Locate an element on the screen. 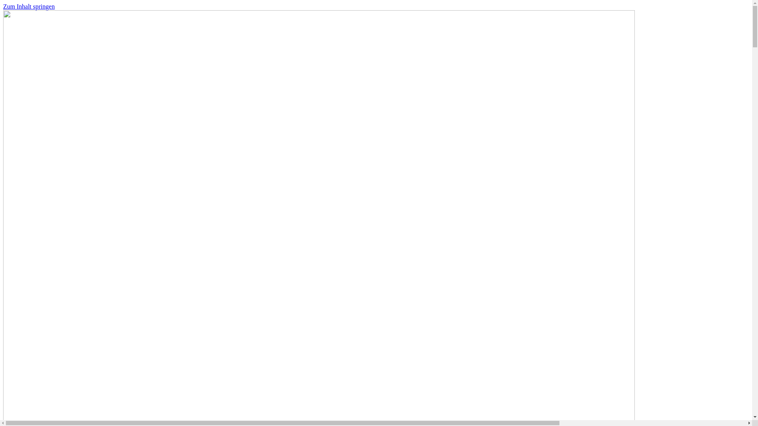 The image size is (758, 426). 'Zum Inhalt springen' is located at coordinates (29, 6).